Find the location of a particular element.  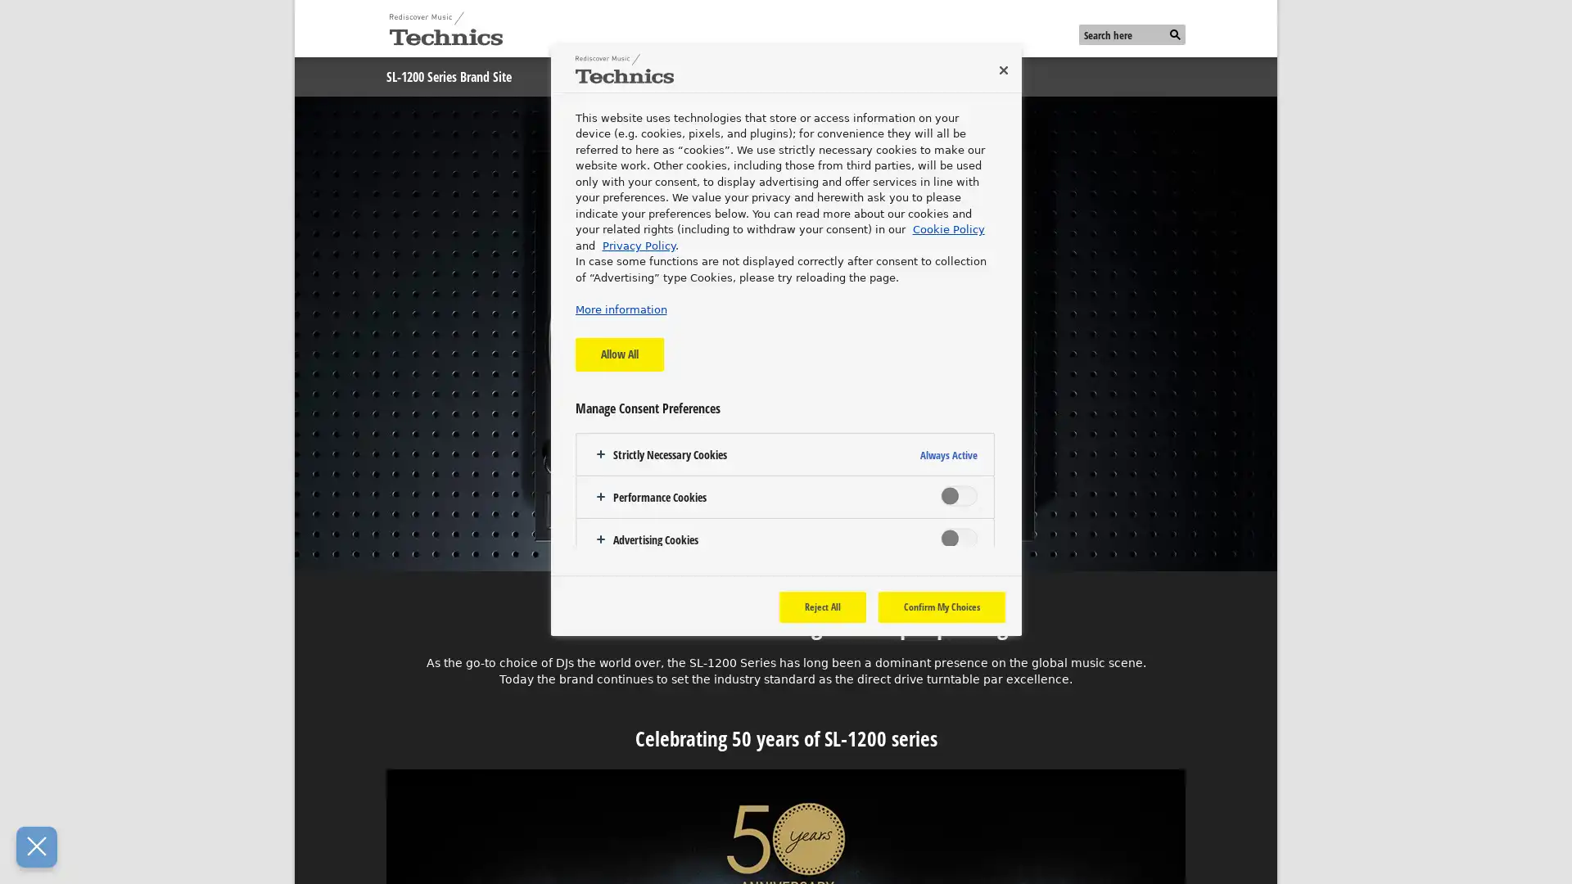

Search is located at coordinates (1174, 35).